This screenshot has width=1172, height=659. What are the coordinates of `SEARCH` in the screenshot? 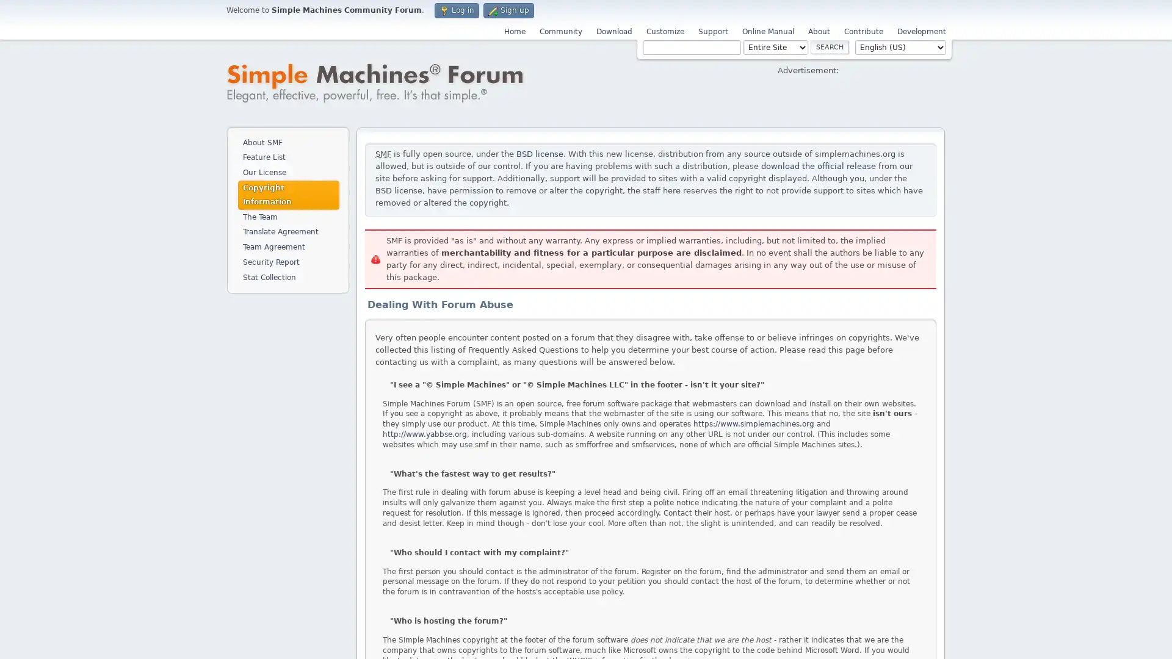 It's located at (830, 46).